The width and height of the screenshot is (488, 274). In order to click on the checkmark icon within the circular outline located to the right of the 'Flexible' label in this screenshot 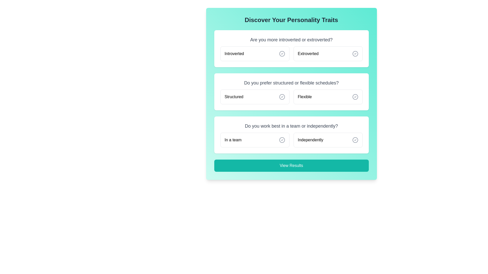, I will do `click(355, 97)`.